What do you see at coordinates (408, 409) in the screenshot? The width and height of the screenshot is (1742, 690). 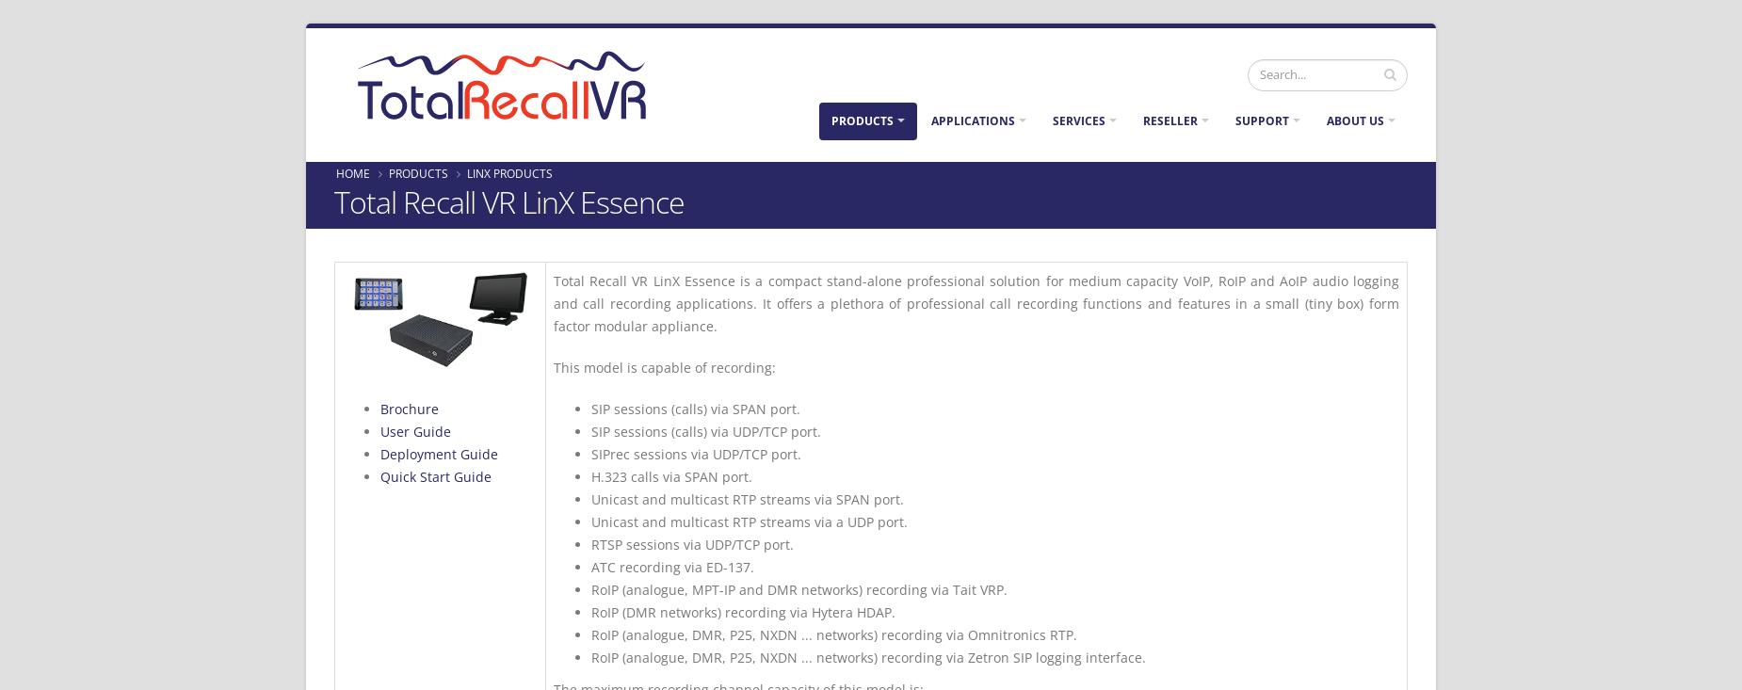 I see `'Brochure'` at bounding box center [408, 409].